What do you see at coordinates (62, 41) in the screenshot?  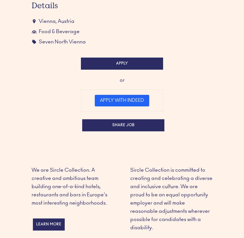 I see `'Seven North Vienna'` at bounding box center [62, 41].